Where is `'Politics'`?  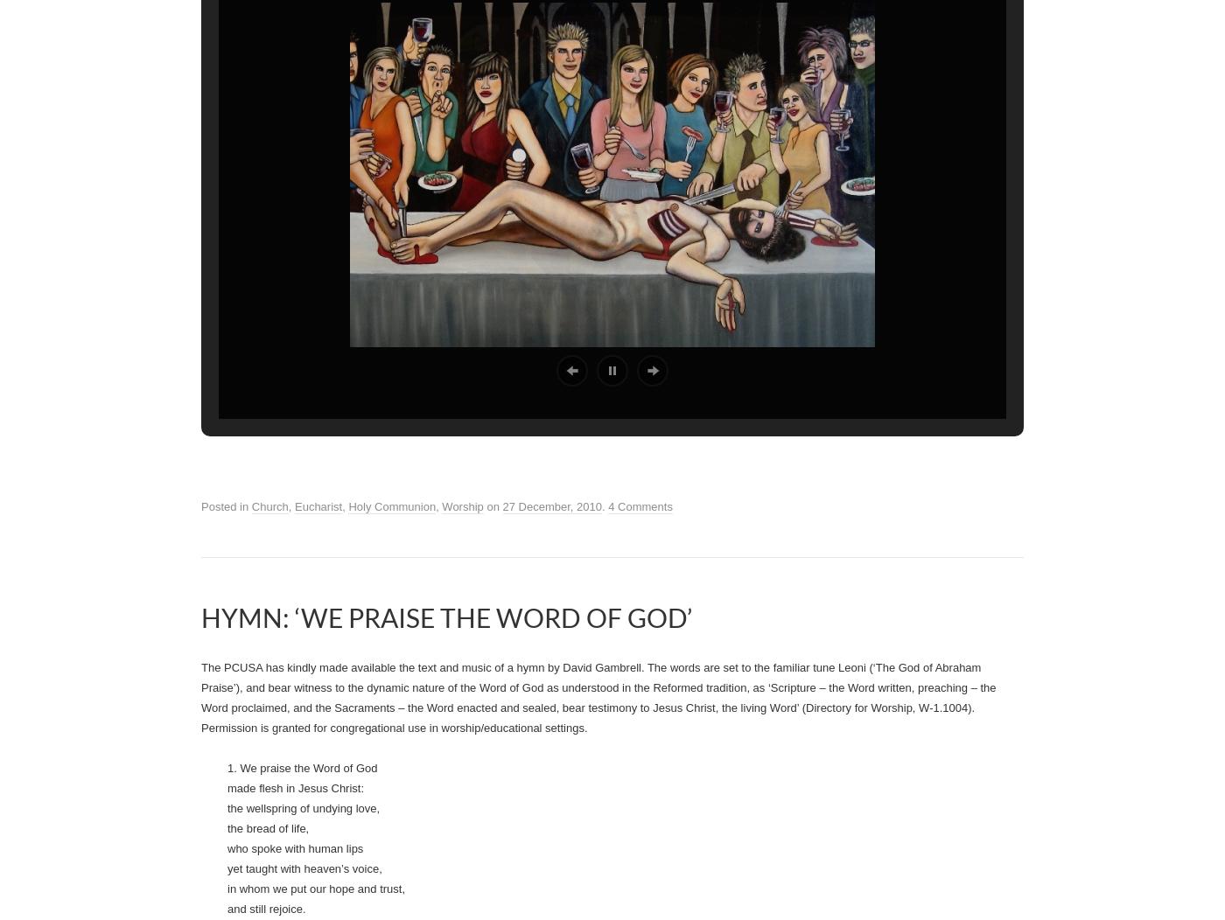
'Politics' is located at coordinates (336, 371).